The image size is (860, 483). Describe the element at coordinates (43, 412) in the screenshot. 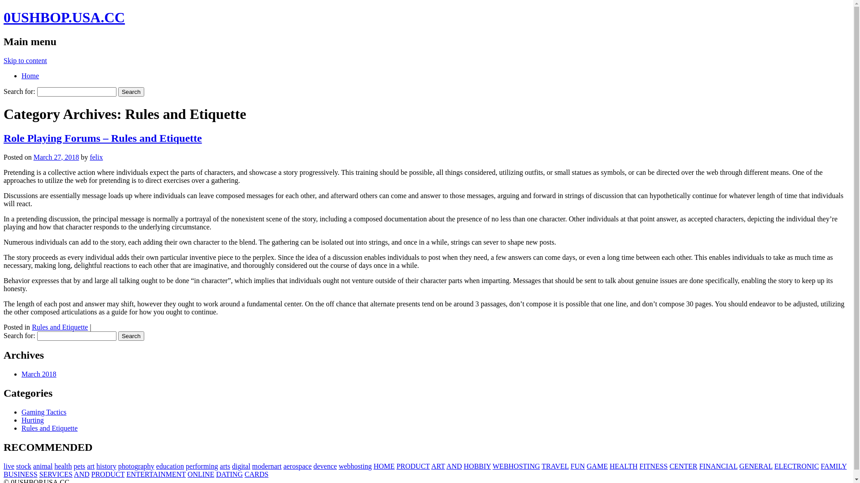

I see `'Gaming Tactics'` at that location.